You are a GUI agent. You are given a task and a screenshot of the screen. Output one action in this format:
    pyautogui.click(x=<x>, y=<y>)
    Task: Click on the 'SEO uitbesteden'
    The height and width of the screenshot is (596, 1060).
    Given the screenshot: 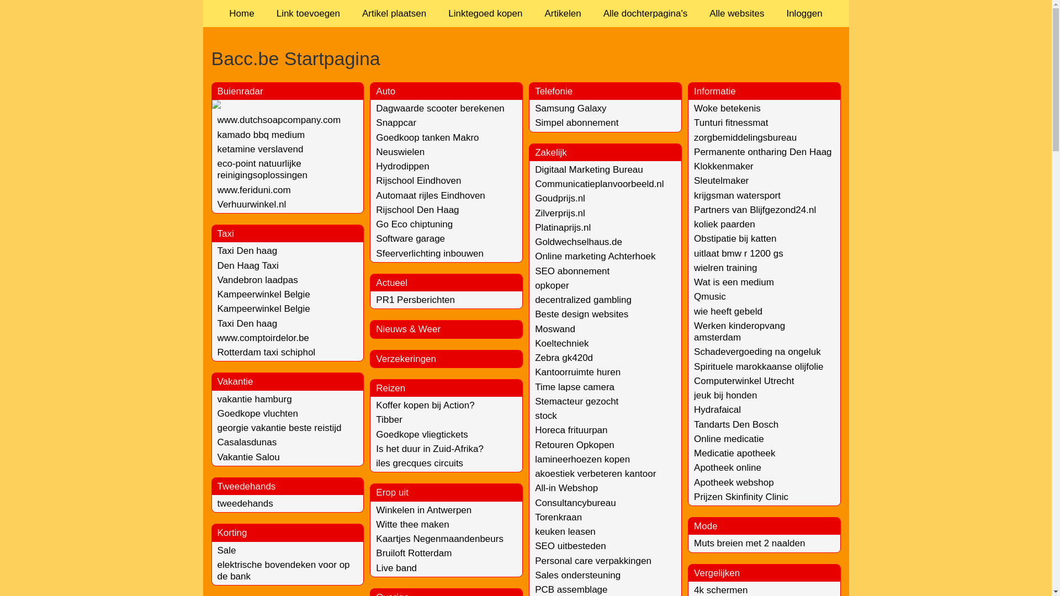 What is the action you would take?
    pyautogui.click(x=570, y=545)
    